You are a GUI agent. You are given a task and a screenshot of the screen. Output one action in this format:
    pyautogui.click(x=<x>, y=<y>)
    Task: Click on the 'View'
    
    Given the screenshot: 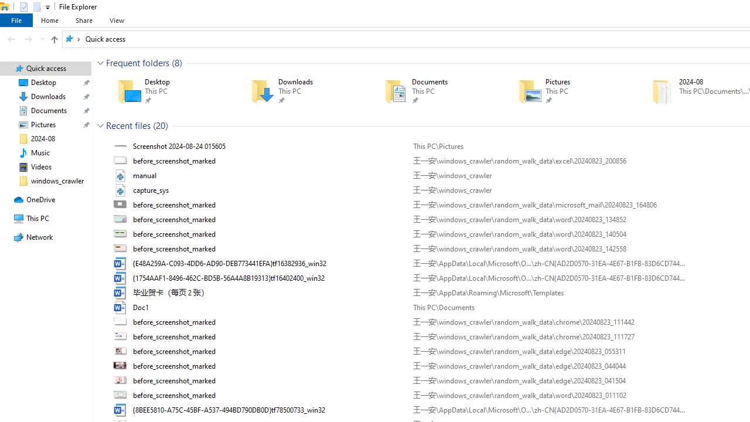 What is the action you would take?
    pyautogui.click(x=117, y=20)
    